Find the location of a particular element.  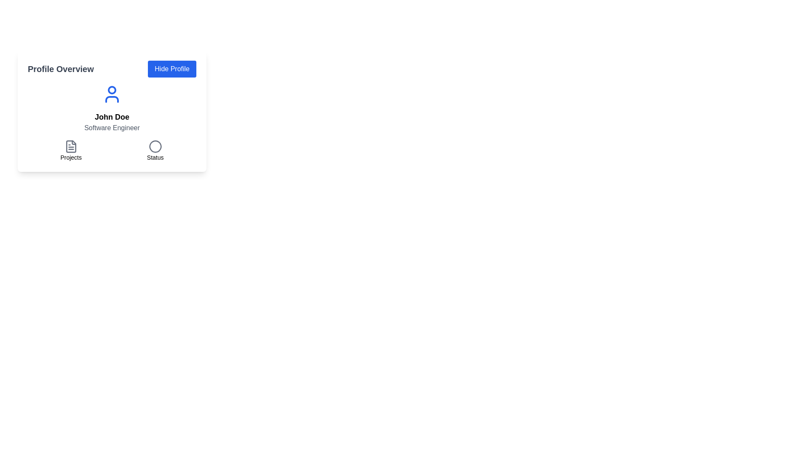

the small file/document icon with a grayscale color scheme, which is positioned above the 'Projects' label is located at coordinates (71, 146).